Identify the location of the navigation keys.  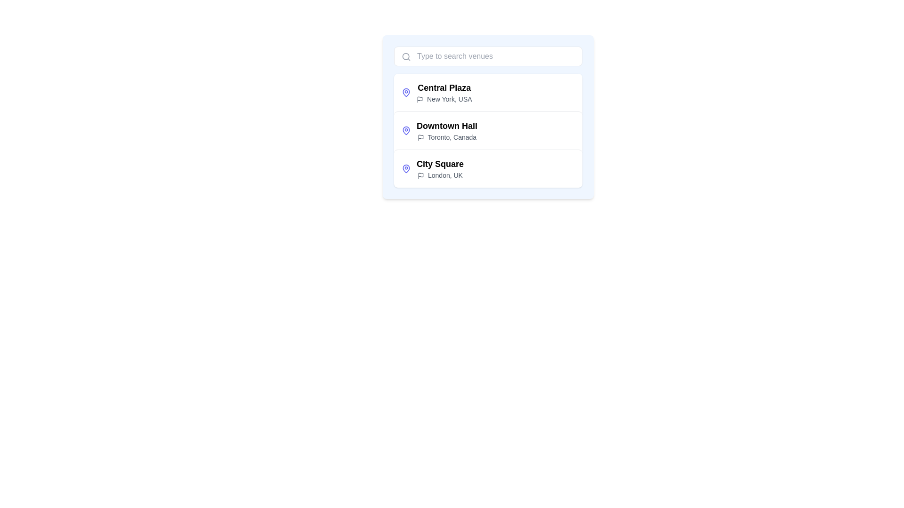
(440, 168).